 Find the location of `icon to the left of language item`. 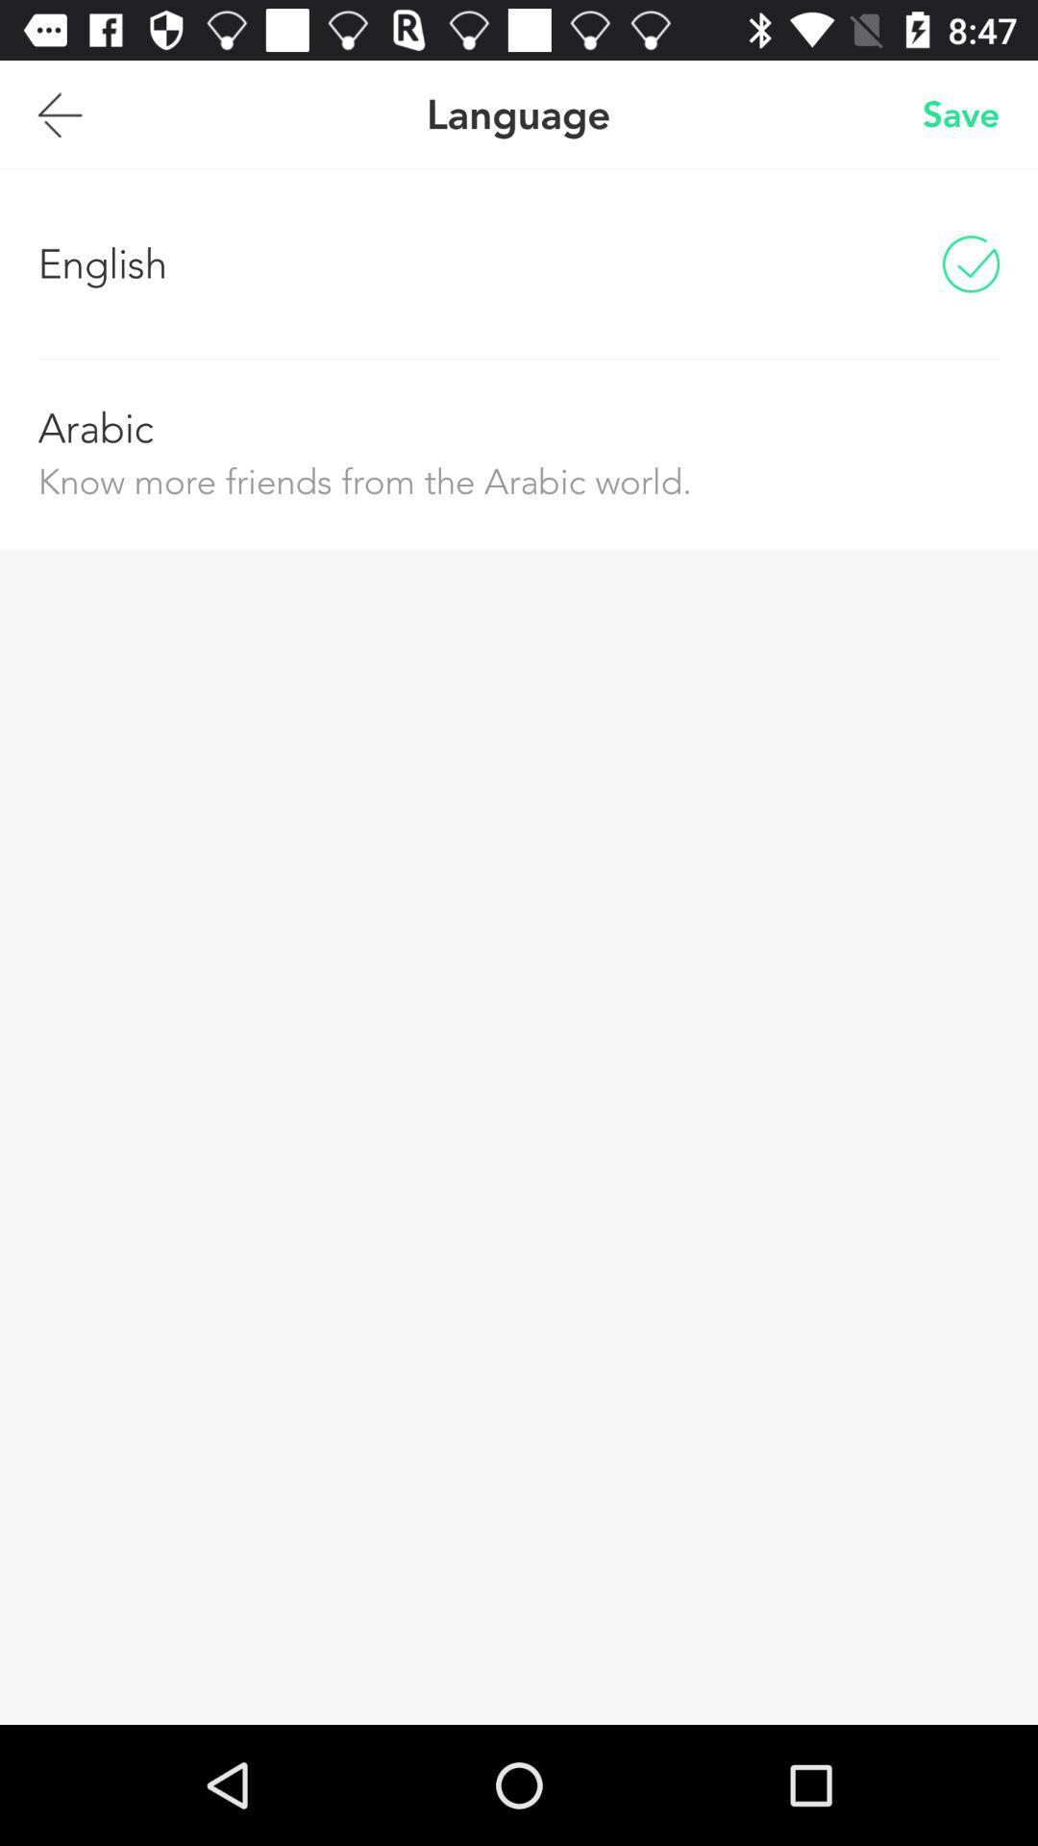

icon to the left of language item is located at coordinates (59, 113).